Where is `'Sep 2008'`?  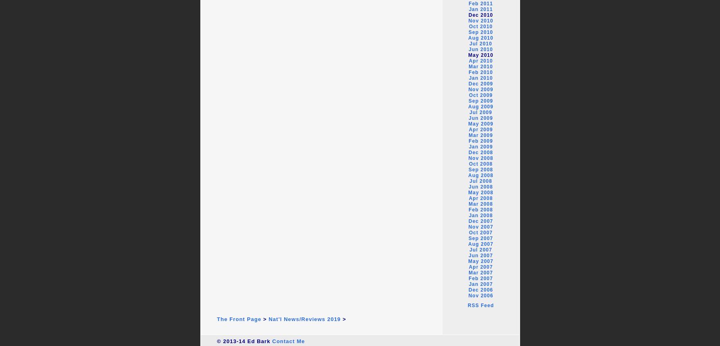 'Sep 2008' is located at coordinates (480, 169).